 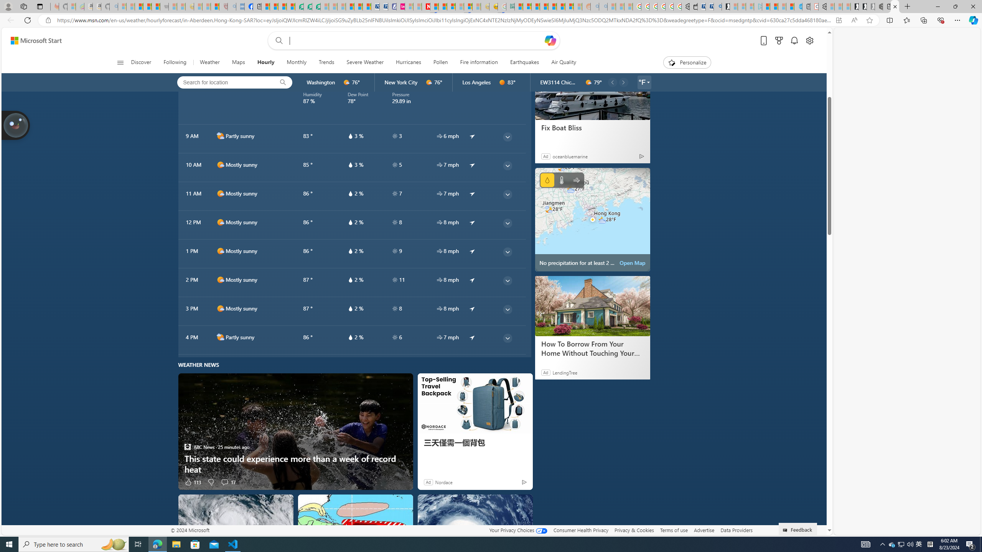 I want to click on 'LendingTree', so click(x=564, y=373).